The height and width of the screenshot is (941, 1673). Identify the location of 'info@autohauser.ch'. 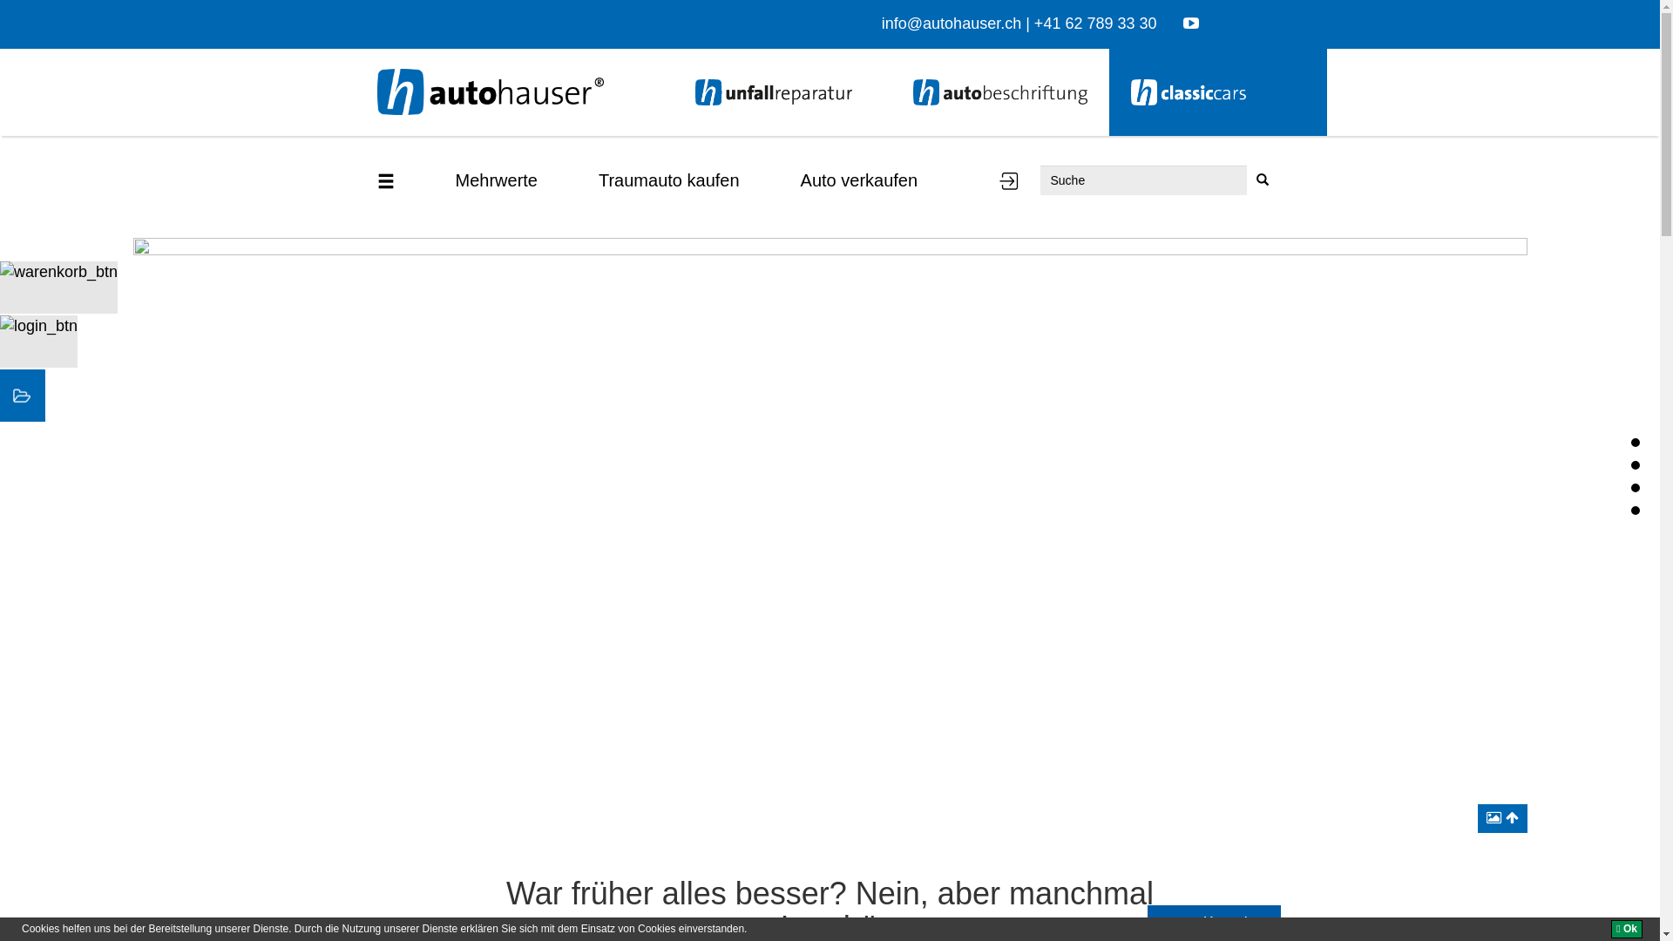
(951, 24).